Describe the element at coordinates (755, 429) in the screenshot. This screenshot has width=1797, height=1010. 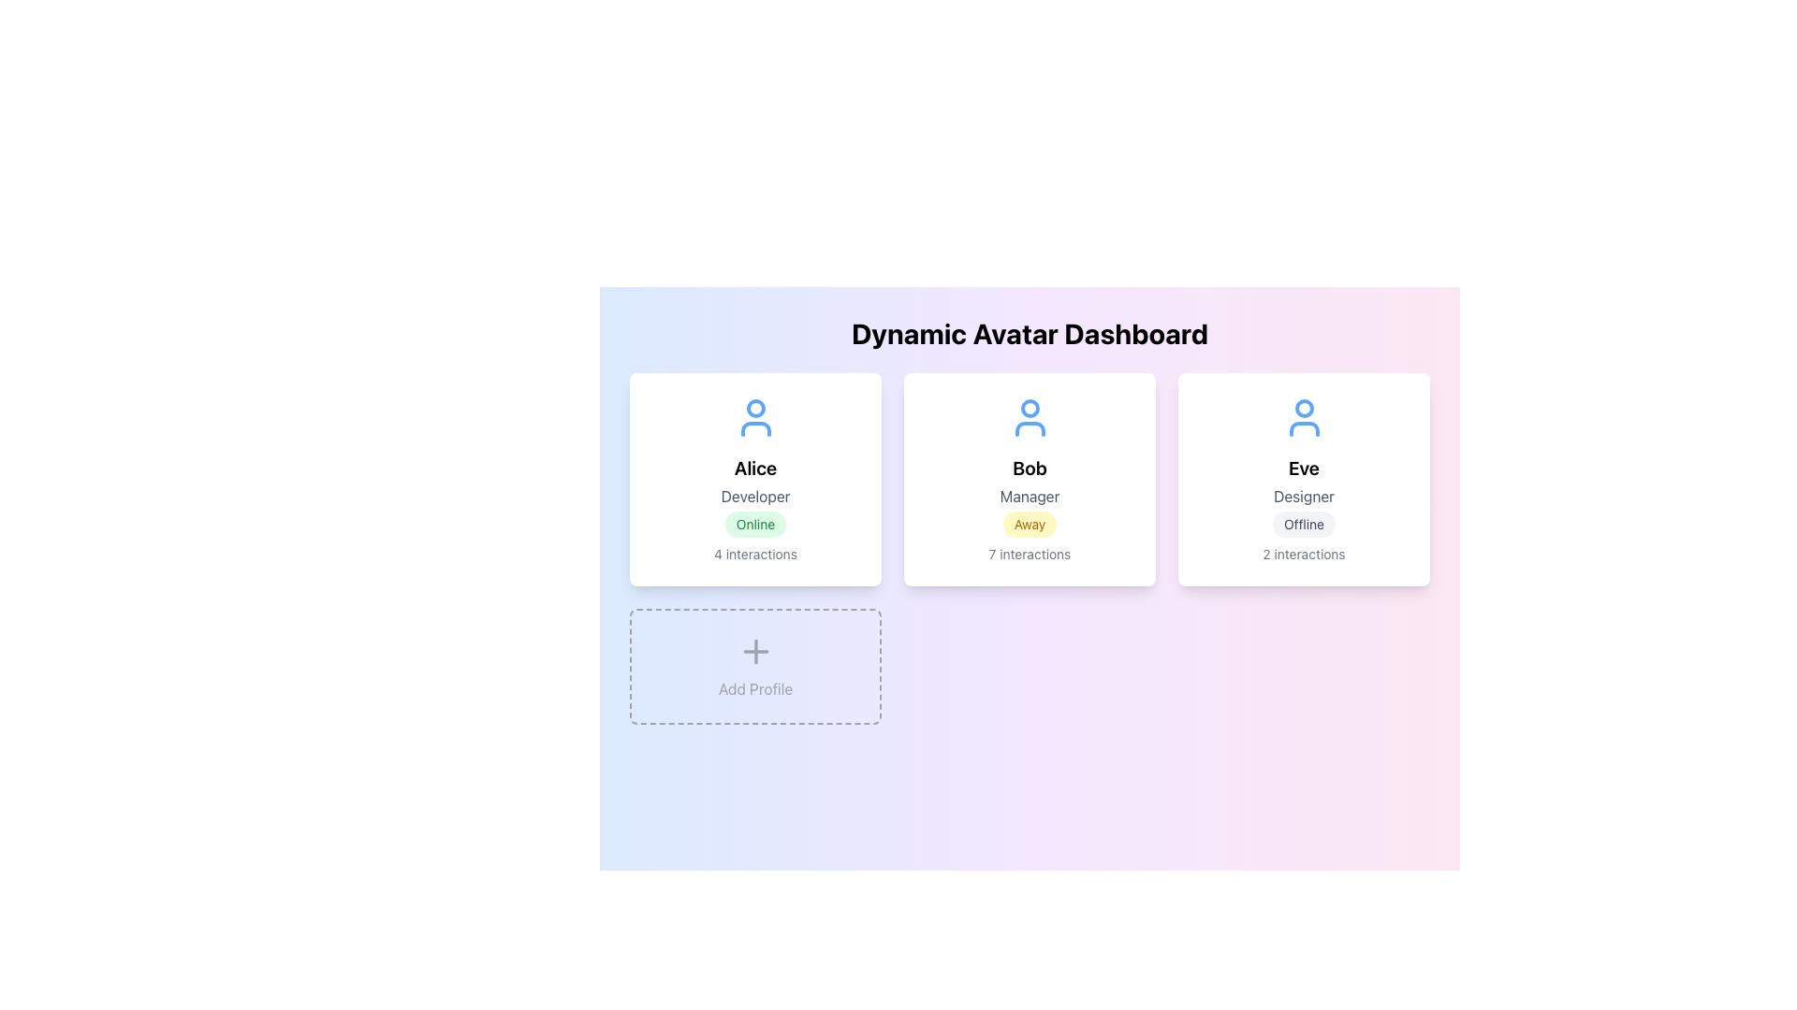
I see `the decorative vector graphic that is the semicircular base of the user icon in the 'Alice' card` at that location.